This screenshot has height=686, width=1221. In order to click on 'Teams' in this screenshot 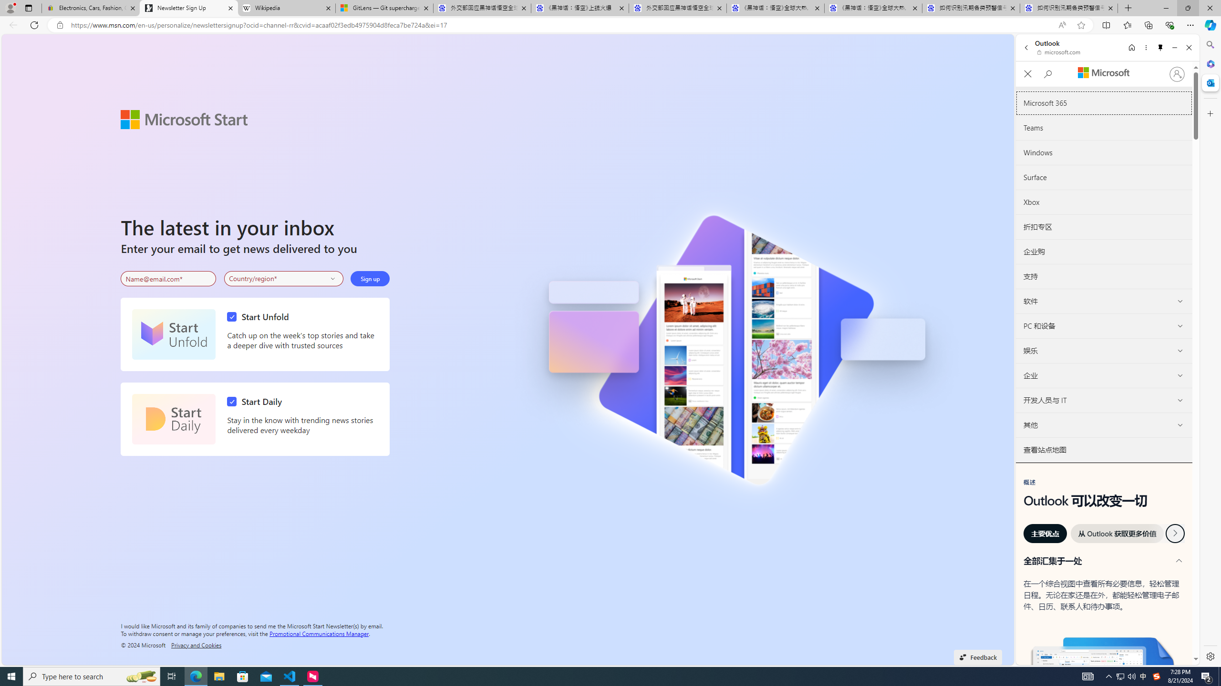, I will do `click(1104, 128)`.